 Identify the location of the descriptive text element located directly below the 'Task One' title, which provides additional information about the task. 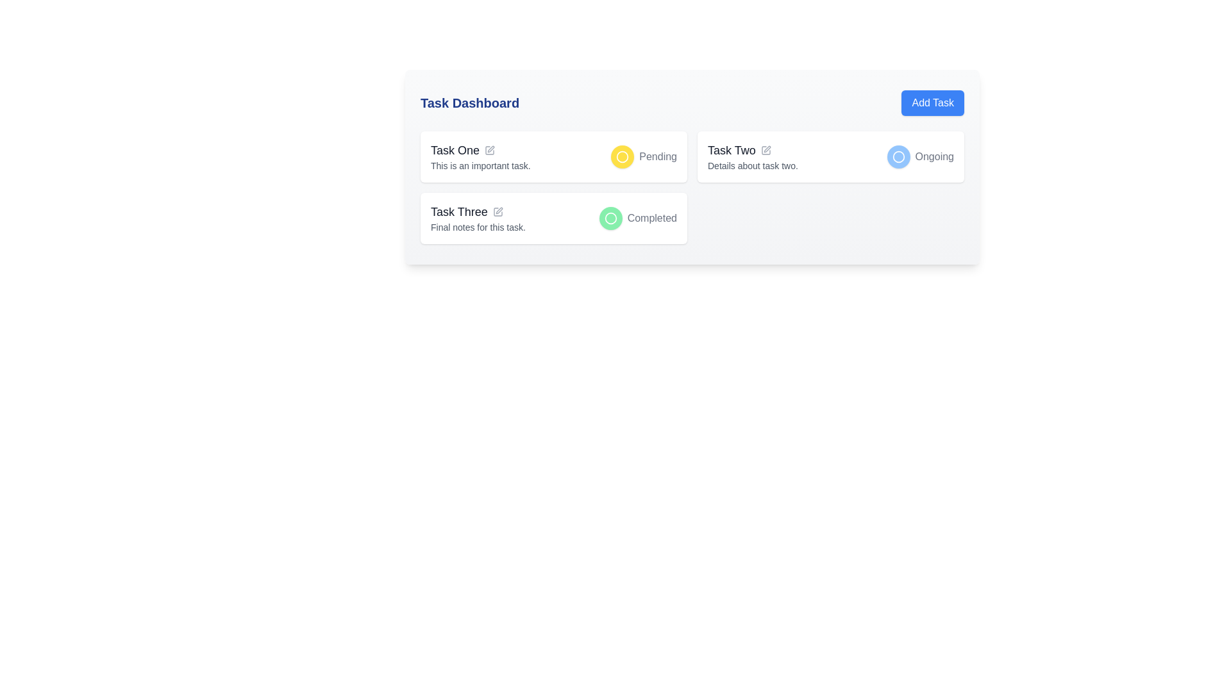
(480, 165).